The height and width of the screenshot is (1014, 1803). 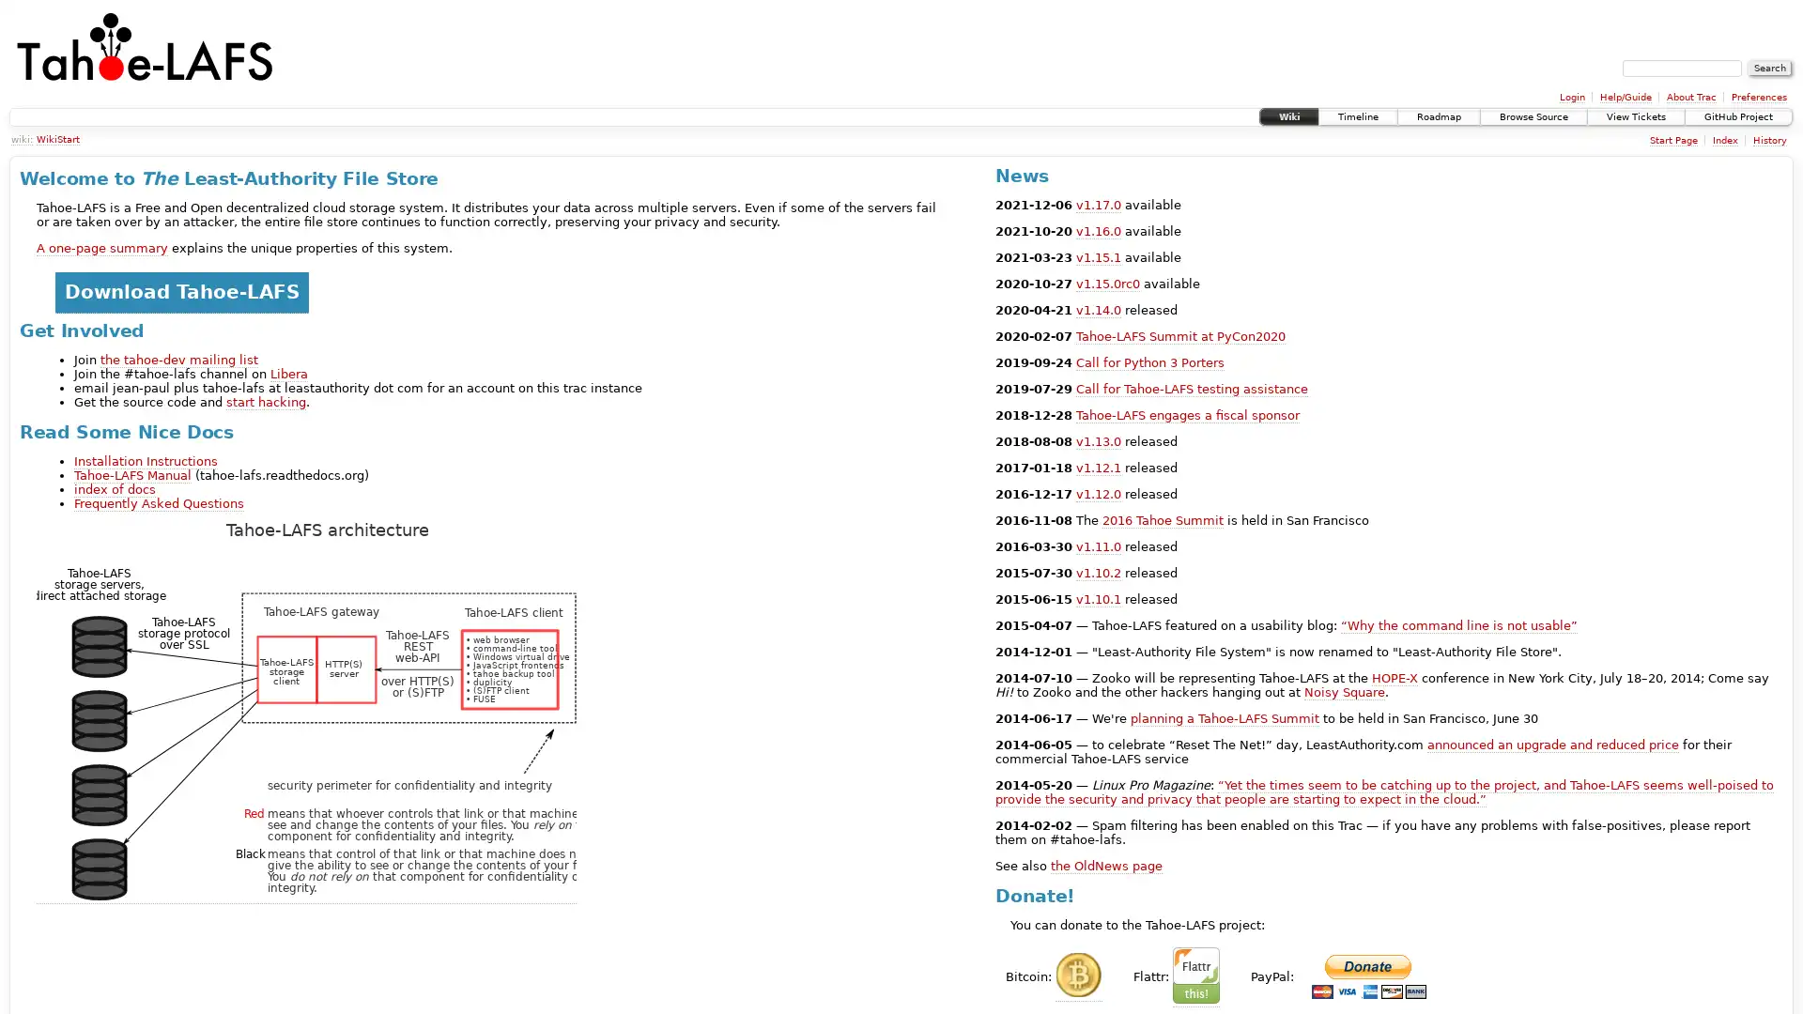 I want to click on Search, so click(x=1769, y=68).